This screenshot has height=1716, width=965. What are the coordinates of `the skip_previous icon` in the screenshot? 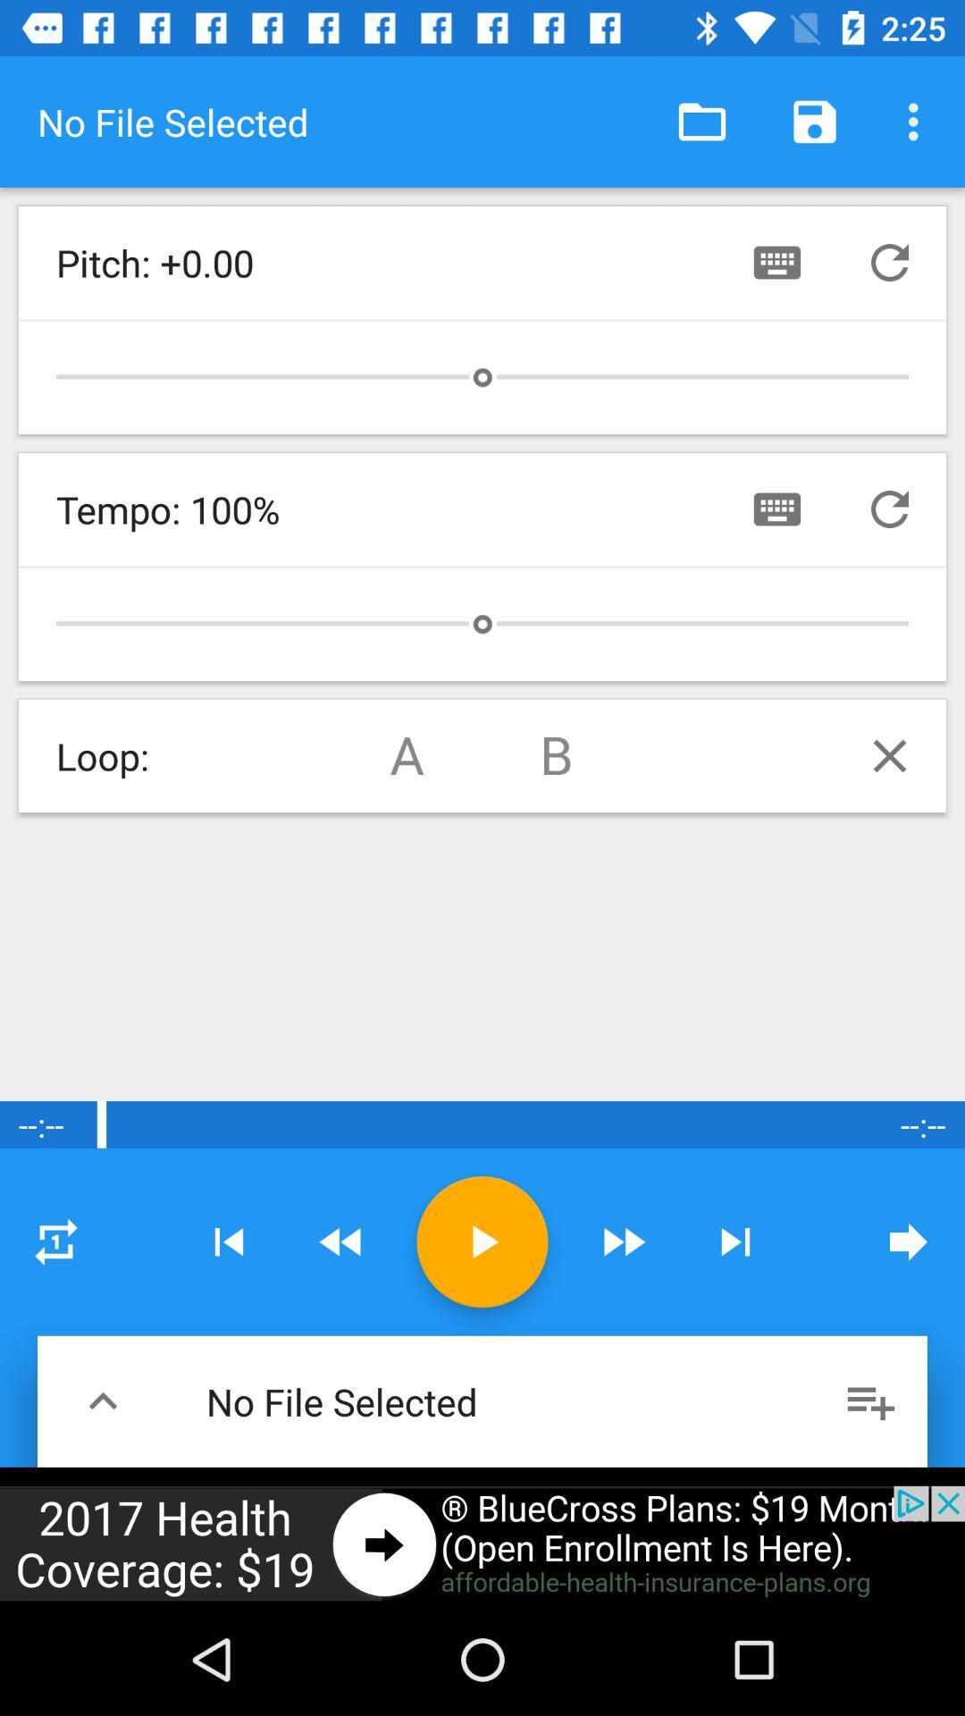 It's located at (228, 1241).